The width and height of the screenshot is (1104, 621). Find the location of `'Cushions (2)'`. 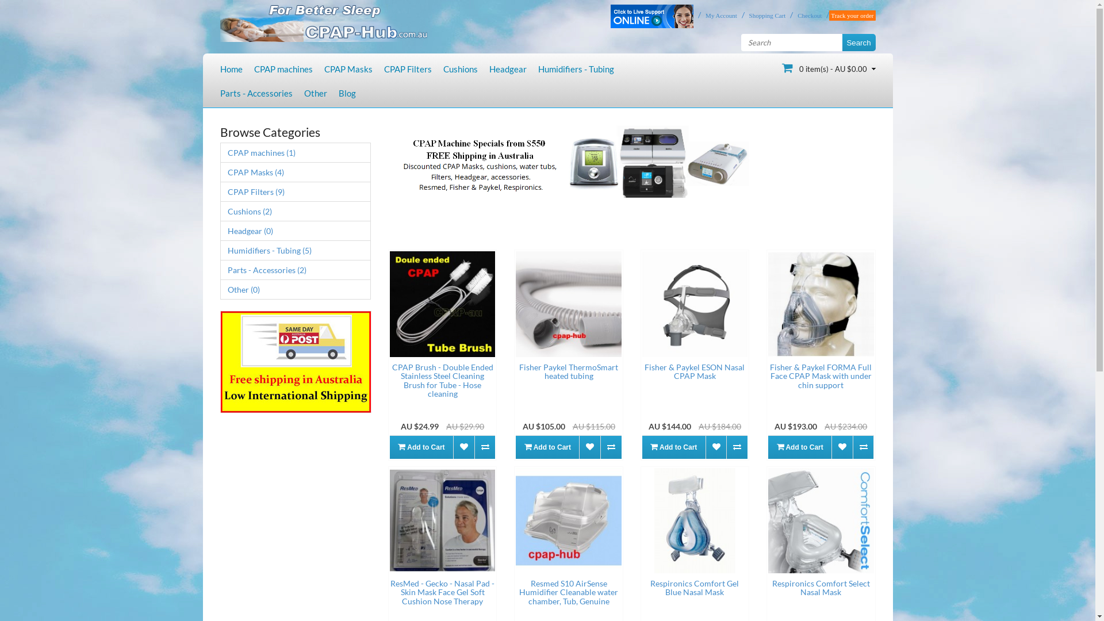

'Cushions (2)' is located at coordinates (295, 211).